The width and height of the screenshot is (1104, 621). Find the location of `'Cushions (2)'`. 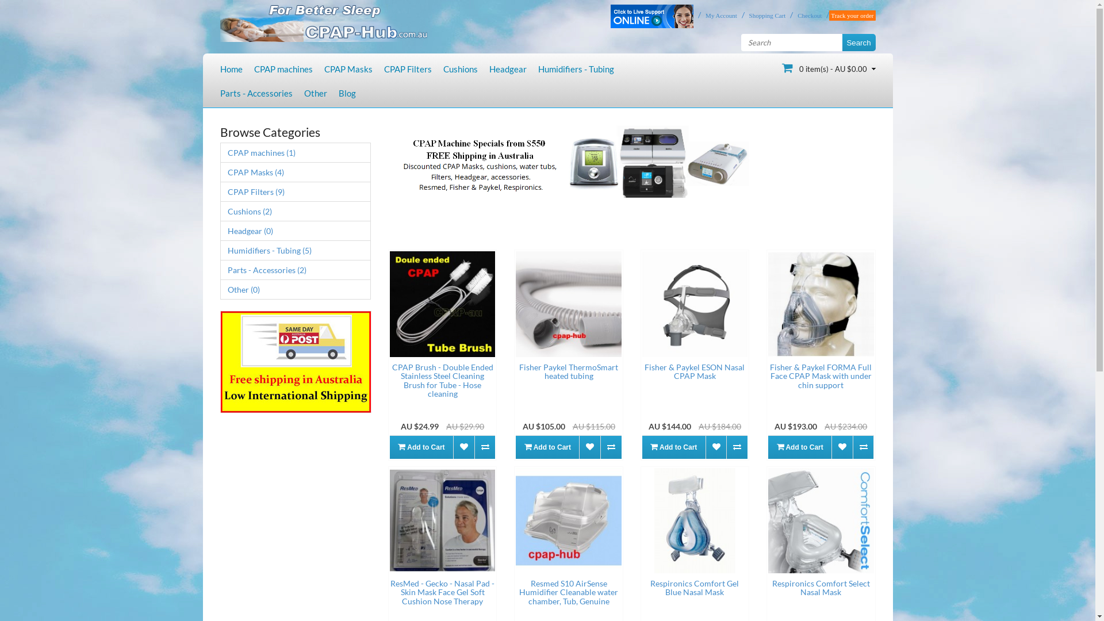

'Cushions (2)' is located at coordinates (295, 211).